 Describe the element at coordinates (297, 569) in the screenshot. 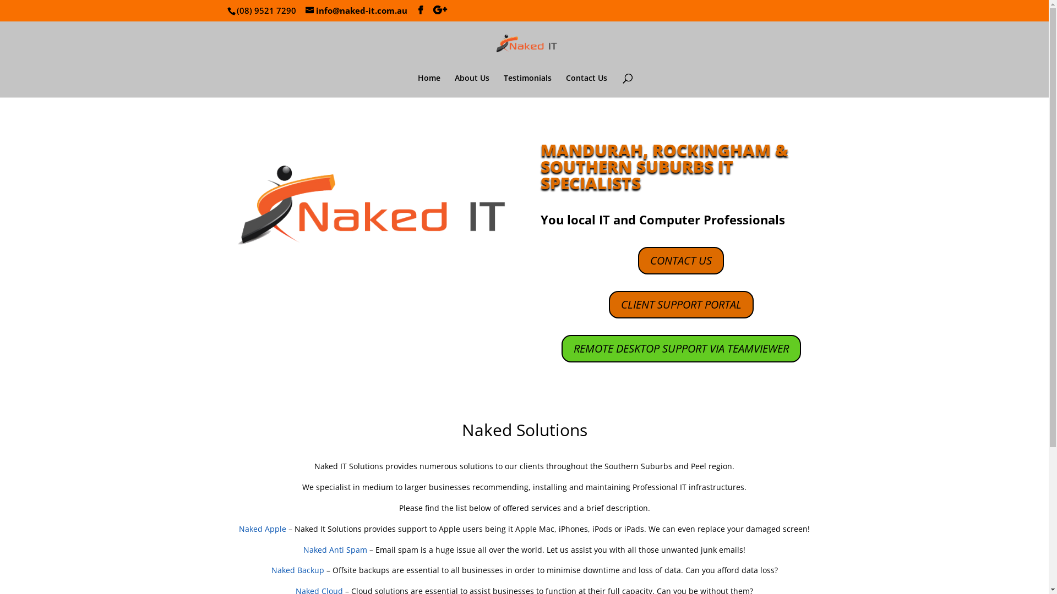

I see `'Naked Backup'` at that location.